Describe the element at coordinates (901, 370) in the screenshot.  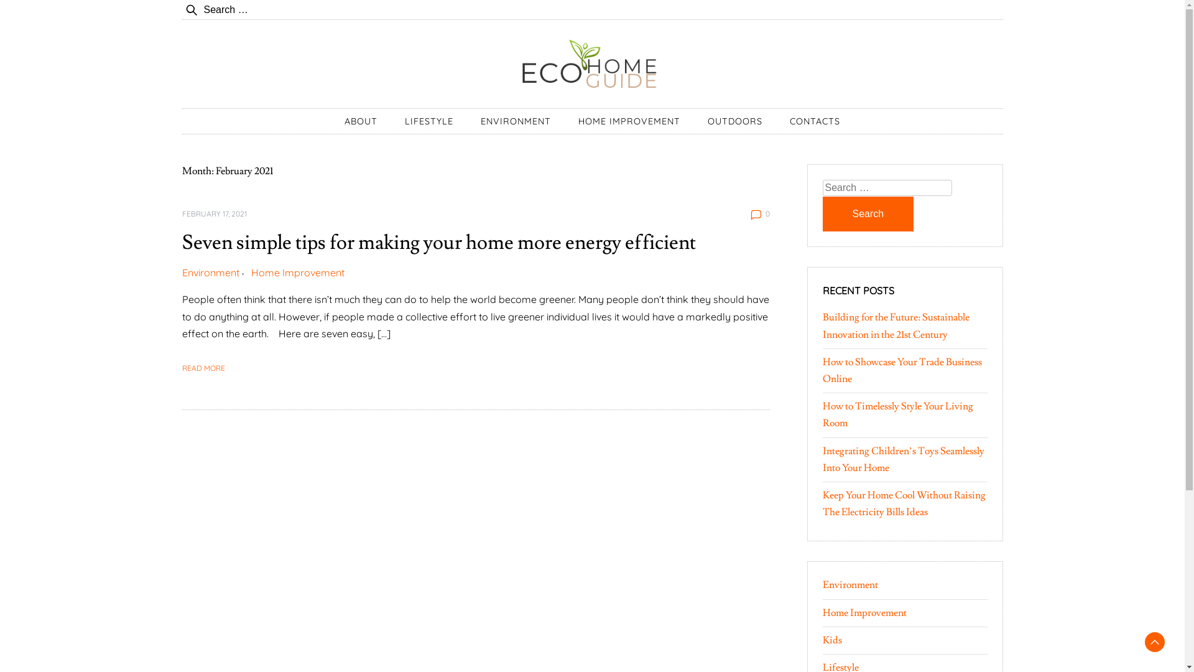
I see `'How to Showcase Your Trade Business Online'` at that location.